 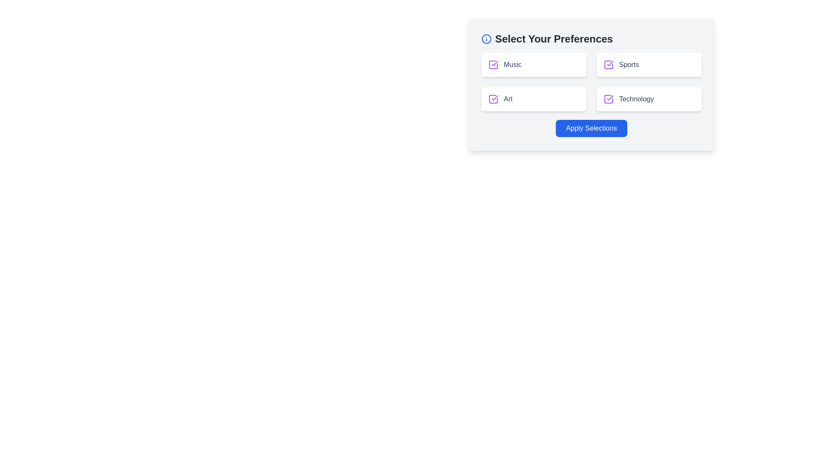 What do you see at coordinates (508, 99) in the screenshot?
I see `the 'Art' label, which is displayed in a medium bold gray font and is located next to a checked purple checkbox in the 'Select Your Preferences' form` at bounding box center [508, 99].